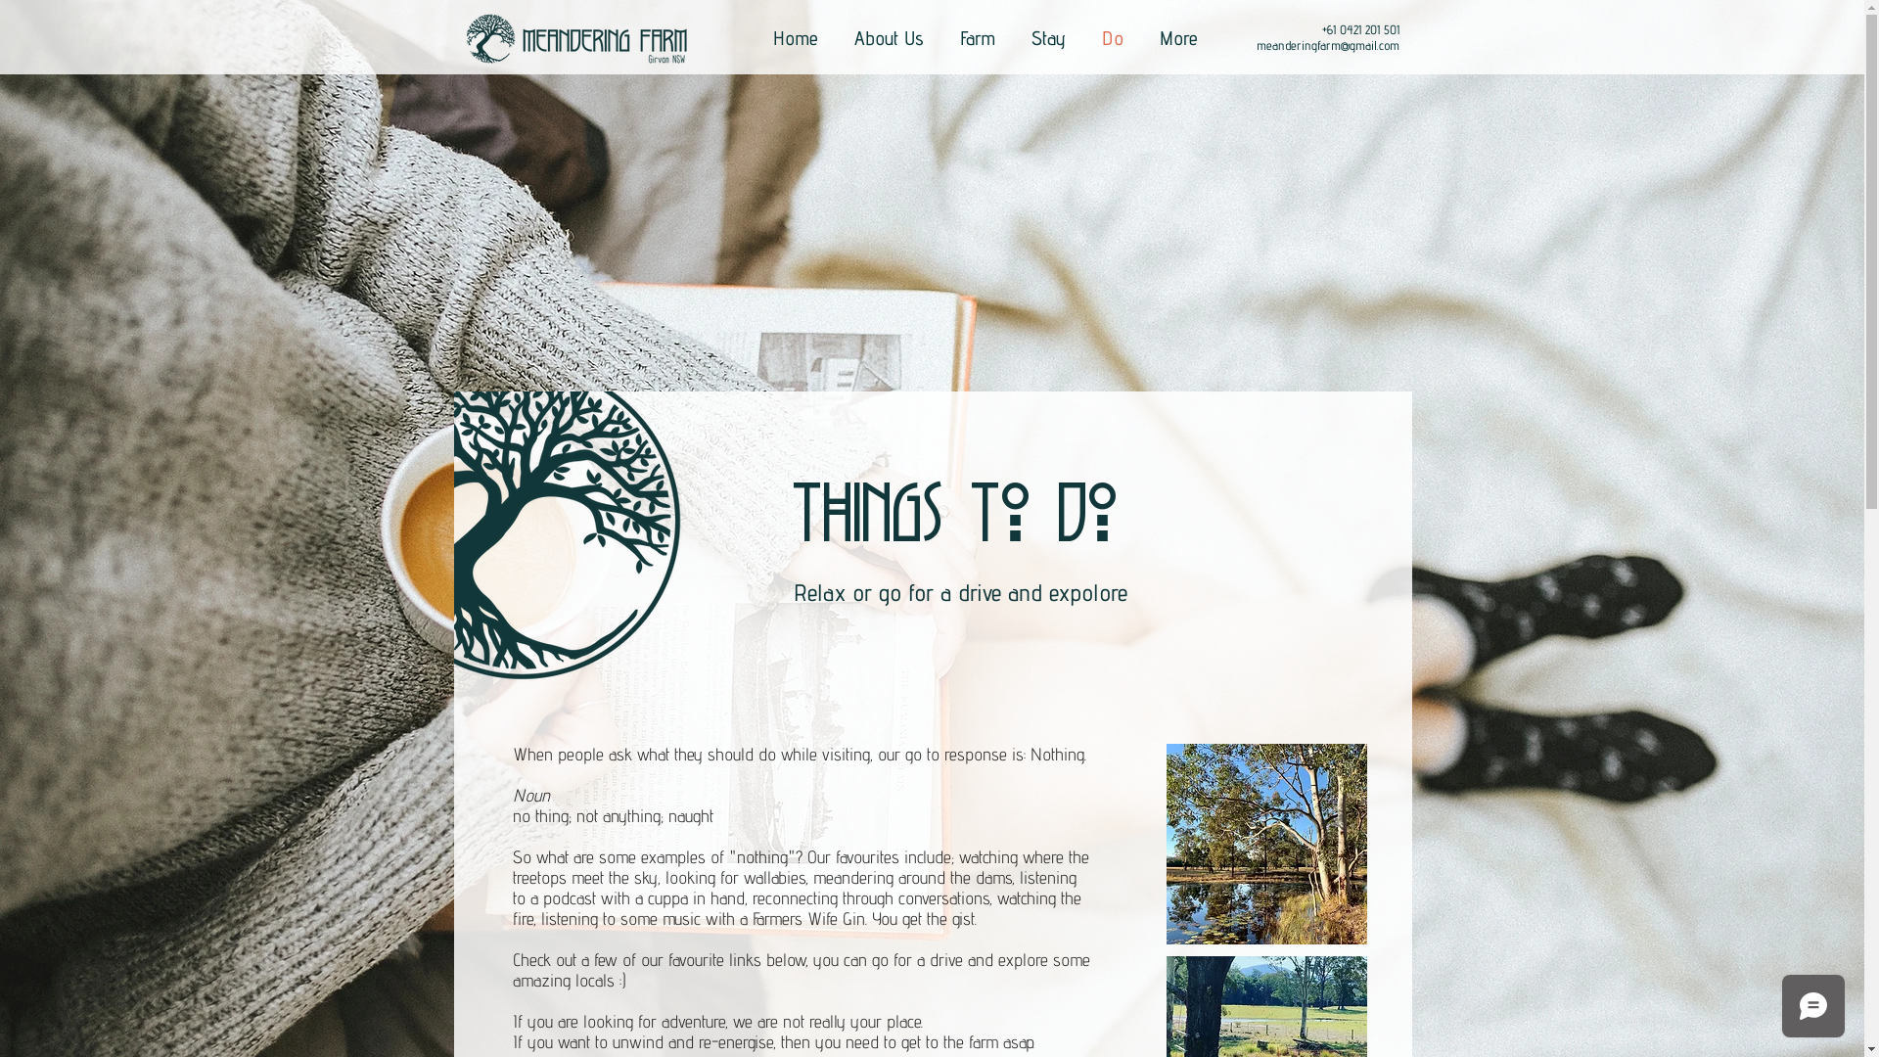  Describe the element at coordinates (1083, 38) in the screenshot. I see `'Do'` at that location.